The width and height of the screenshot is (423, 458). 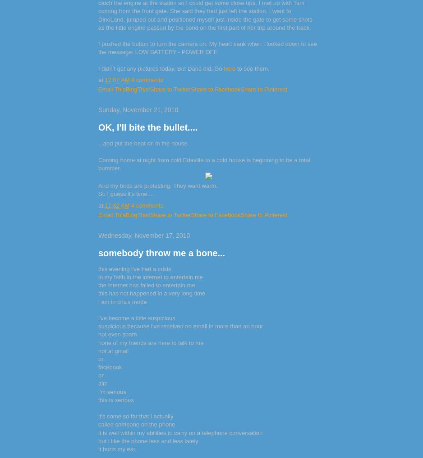 What do you see at coordinates (203, 163) in the screenshot?
I see `'Coming home at night from cold Edaville to a cold house is beginning to be a total bummer.'` at bounding box center [203, 163].